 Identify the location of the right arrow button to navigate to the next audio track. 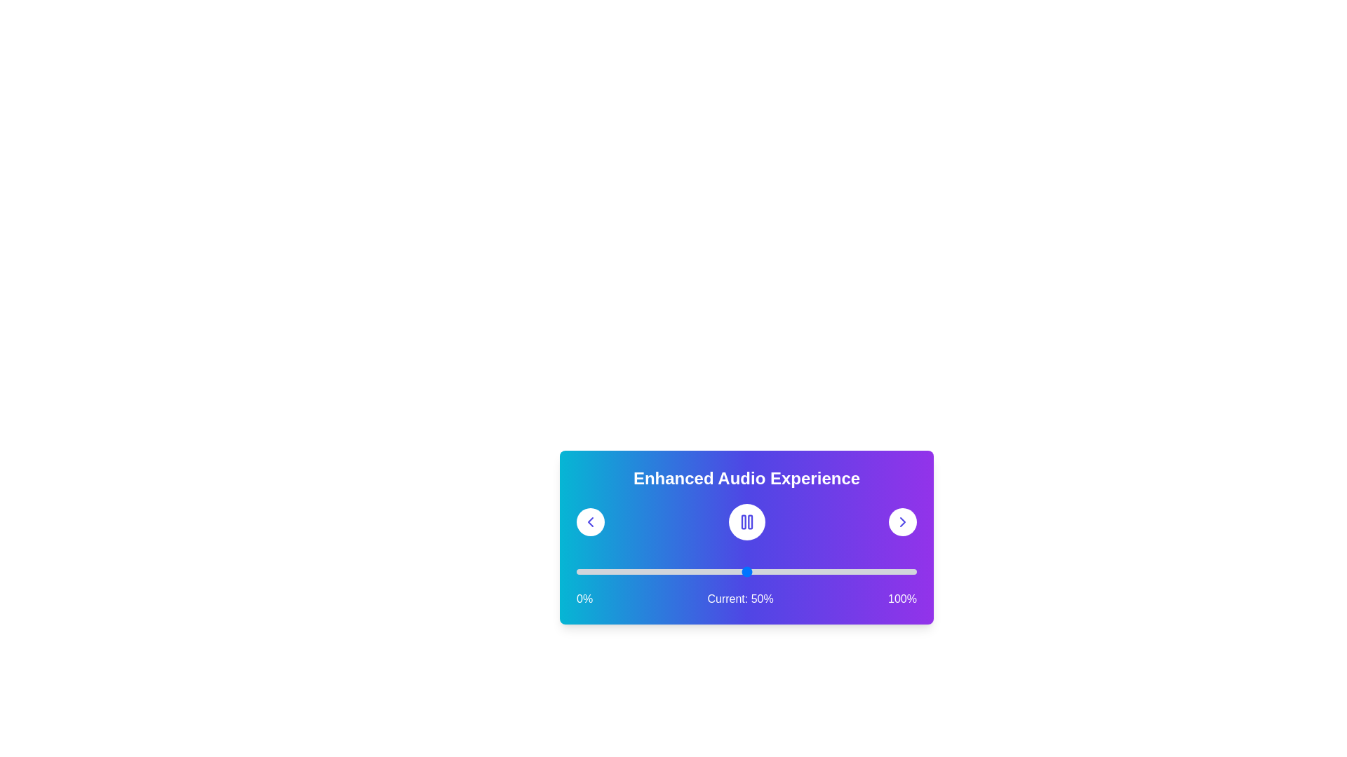
(902, 521).